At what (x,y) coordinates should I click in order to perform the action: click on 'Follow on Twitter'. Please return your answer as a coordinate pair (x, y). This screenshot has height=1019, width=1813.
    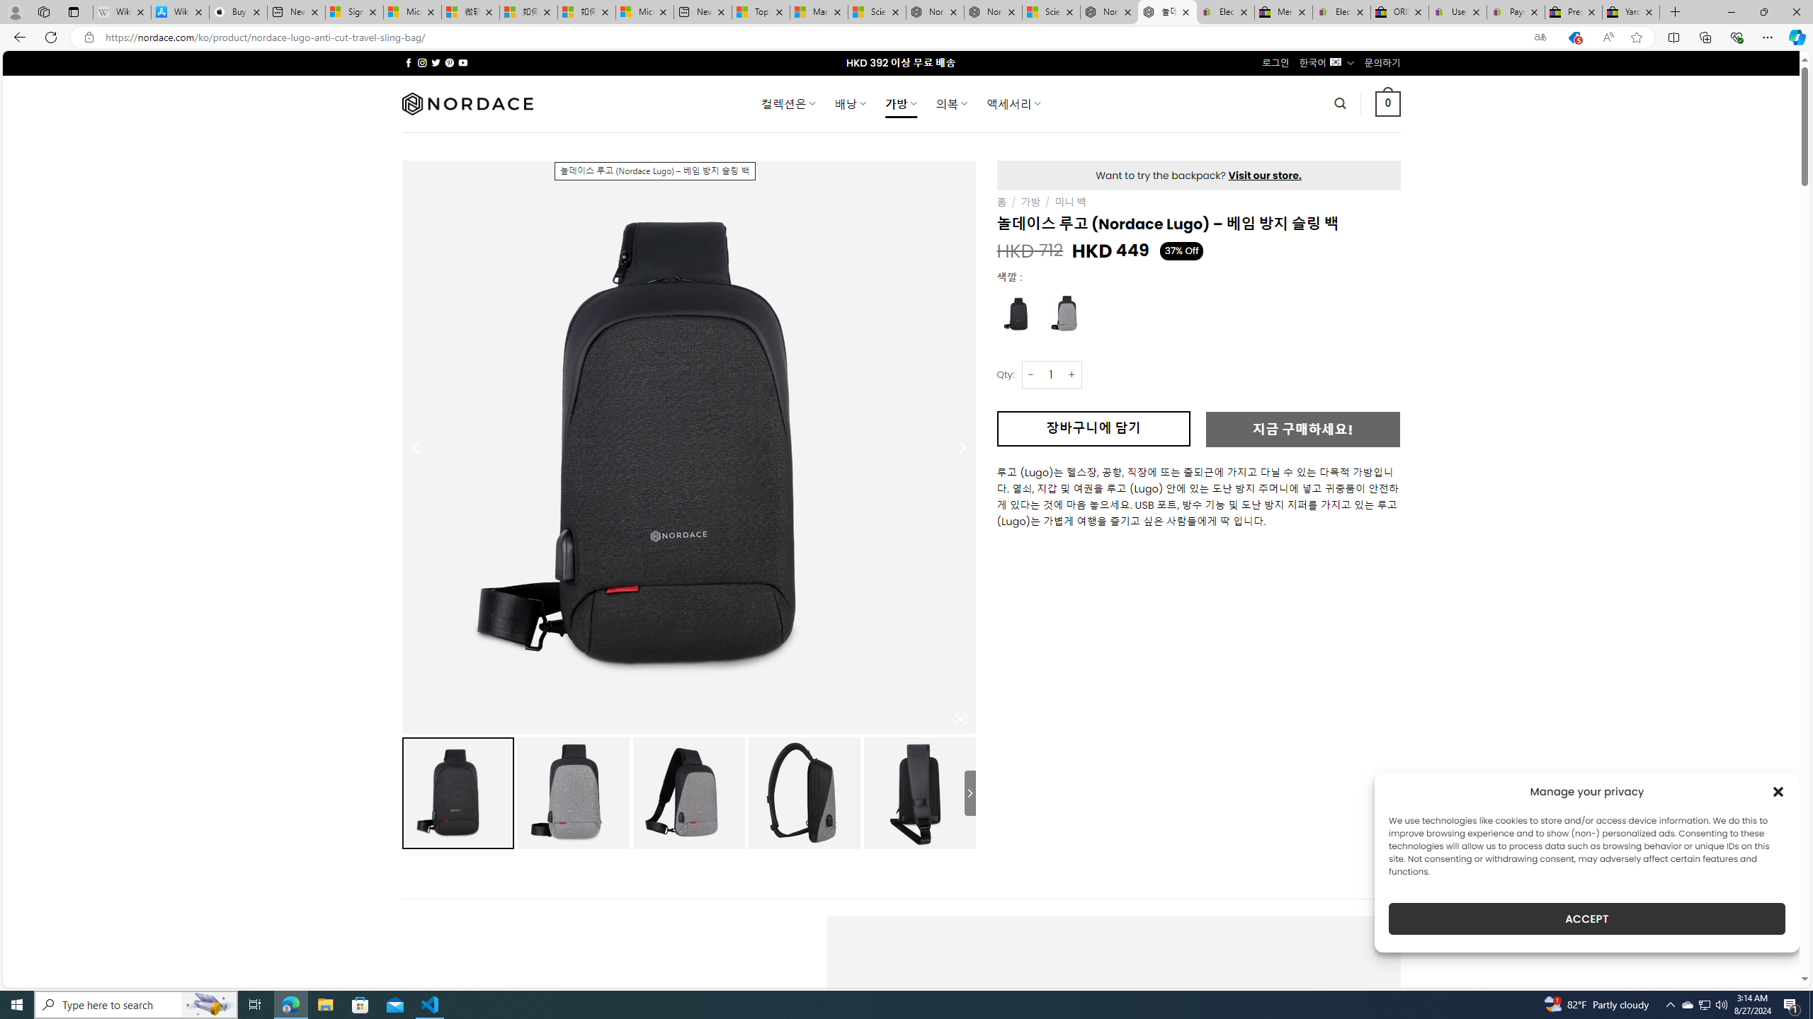
    Looking at the image, I should click on (436, 62).